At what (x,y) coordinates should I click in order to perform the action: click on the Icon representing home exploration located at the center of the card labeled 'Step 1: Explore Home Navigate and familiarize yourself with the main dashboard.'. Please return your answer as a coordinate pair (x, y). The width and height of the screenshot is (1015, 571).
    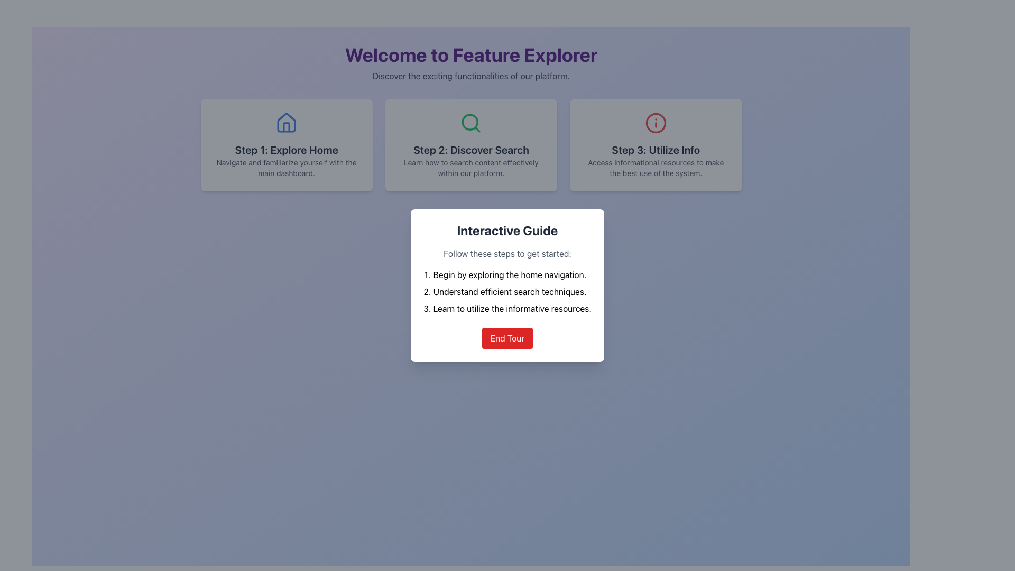
    Looking at the image, I should click on (287, 122).